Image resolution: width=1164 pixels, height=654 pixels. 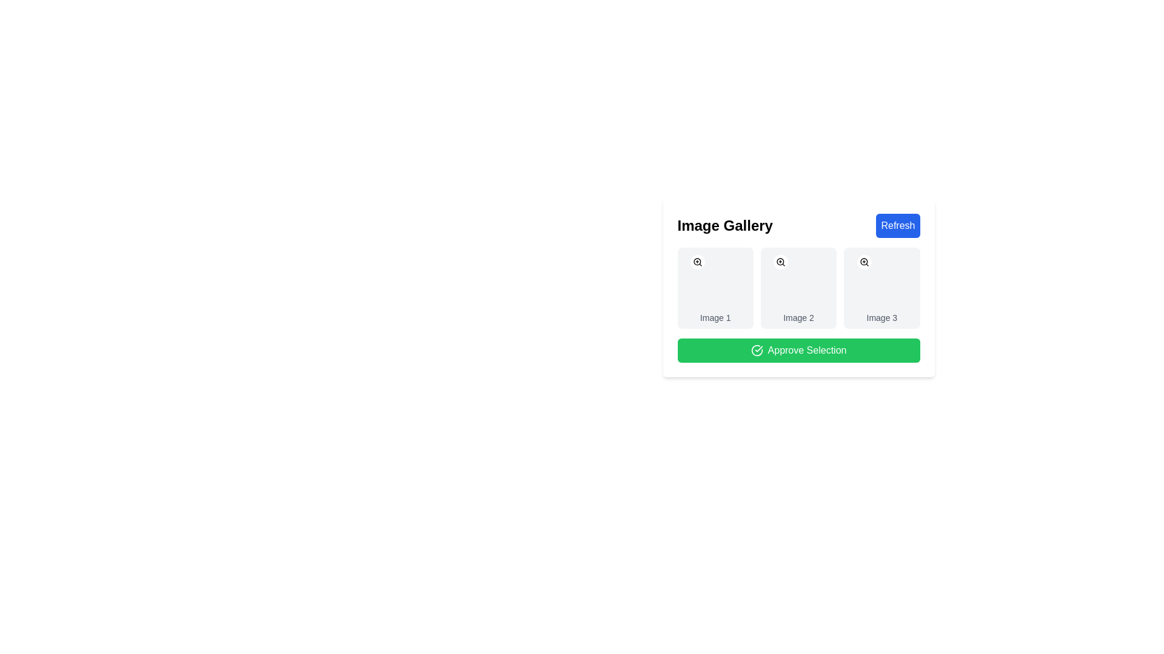 I want to click on the Static Text Label that identifies the first image in the gallery, positioned beneath the first image placeholder, so click(x=715, y=317).